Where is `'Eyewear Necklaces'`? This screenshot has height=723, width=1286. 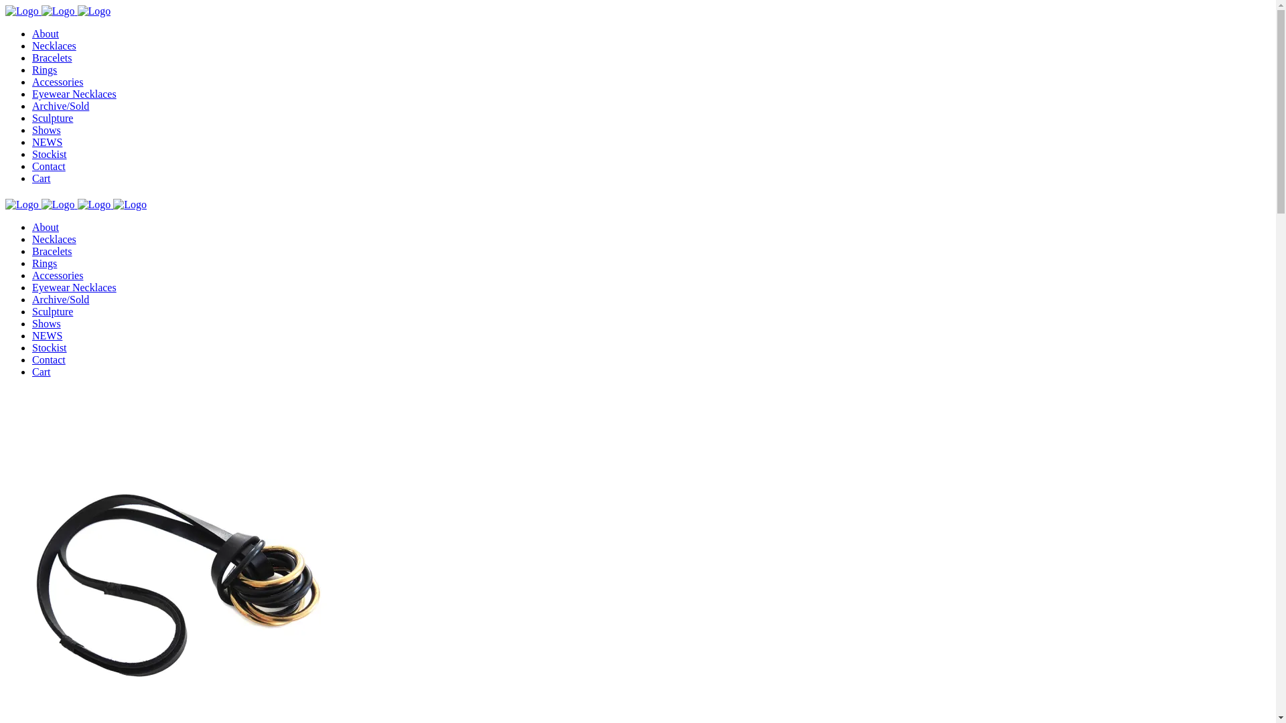
'Eyewear Necklaces' is located at coordinates (32, 287).